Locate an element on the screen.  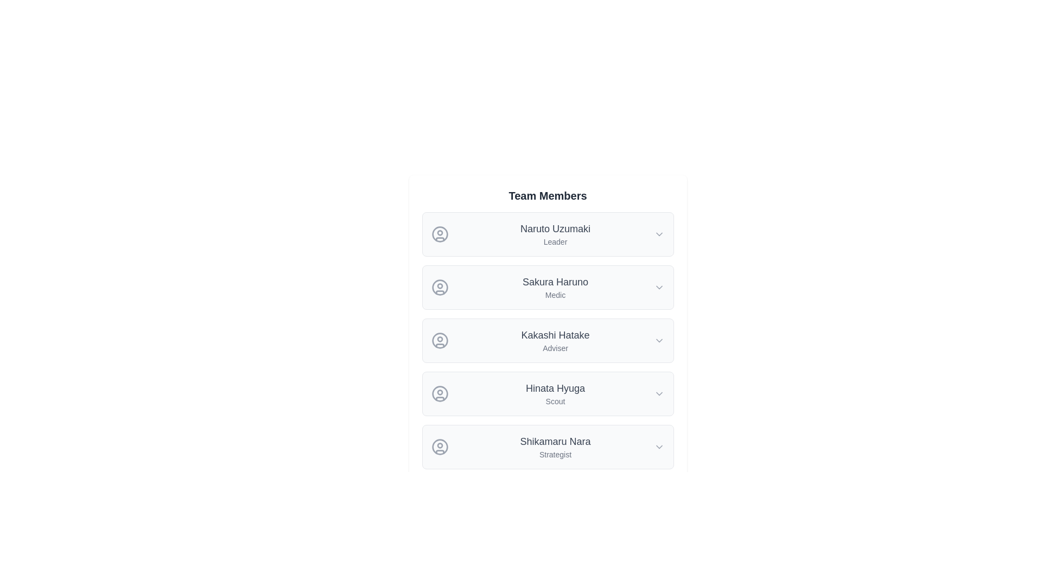
the downward-pointing arrow icon on the right side of the 'Sakura Haruno' and 'Medic' box is located at coordinates (658, 286).